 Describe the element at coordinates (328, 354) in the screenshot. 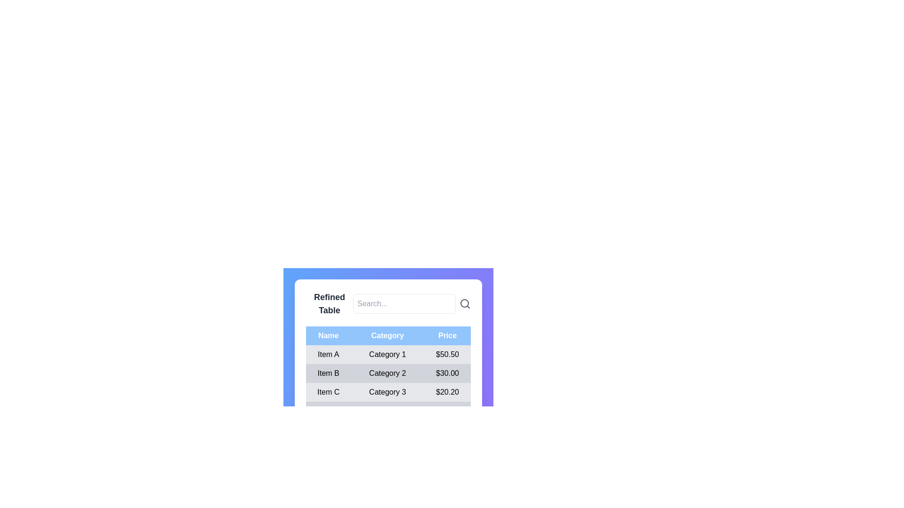

I see `the text label in the first column of the first row under the 'Name' header, which identifies an item in the table` at that location.